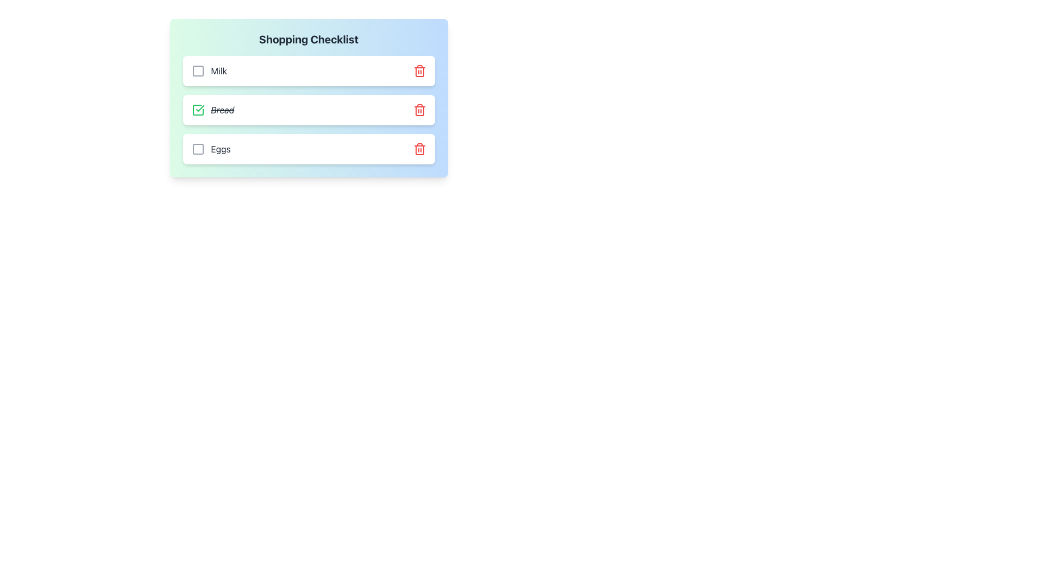  Describe the element at coordinates (198, 149) in the screenshot. I see `the visually distinct rectangular box with rounded corners that is part of the icon adjacent to the text 'Eggs' in the checklist interface` at that location.